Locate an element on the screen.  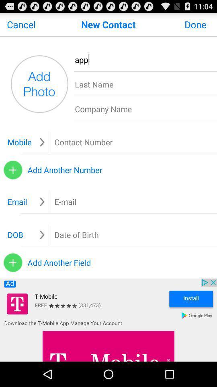
for adverisment is located at coordinates (108, 320).